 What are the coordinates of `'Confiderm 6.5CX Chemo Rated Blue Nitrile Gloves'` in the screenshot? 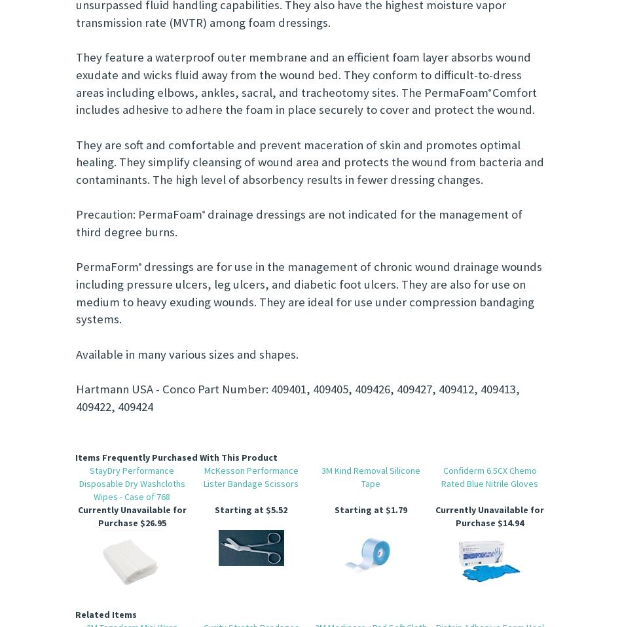 It's located at (489, 477).